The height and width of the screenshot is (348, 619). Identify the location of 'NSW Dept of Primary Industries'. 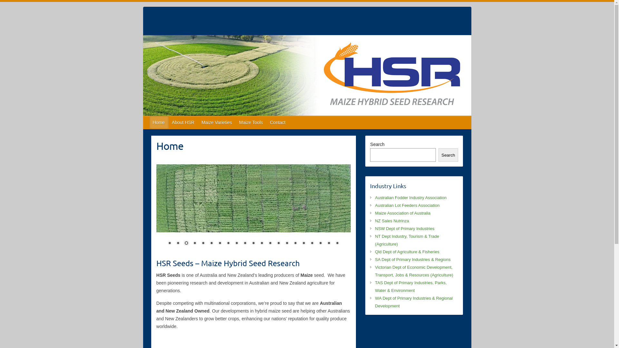
(404, 228).